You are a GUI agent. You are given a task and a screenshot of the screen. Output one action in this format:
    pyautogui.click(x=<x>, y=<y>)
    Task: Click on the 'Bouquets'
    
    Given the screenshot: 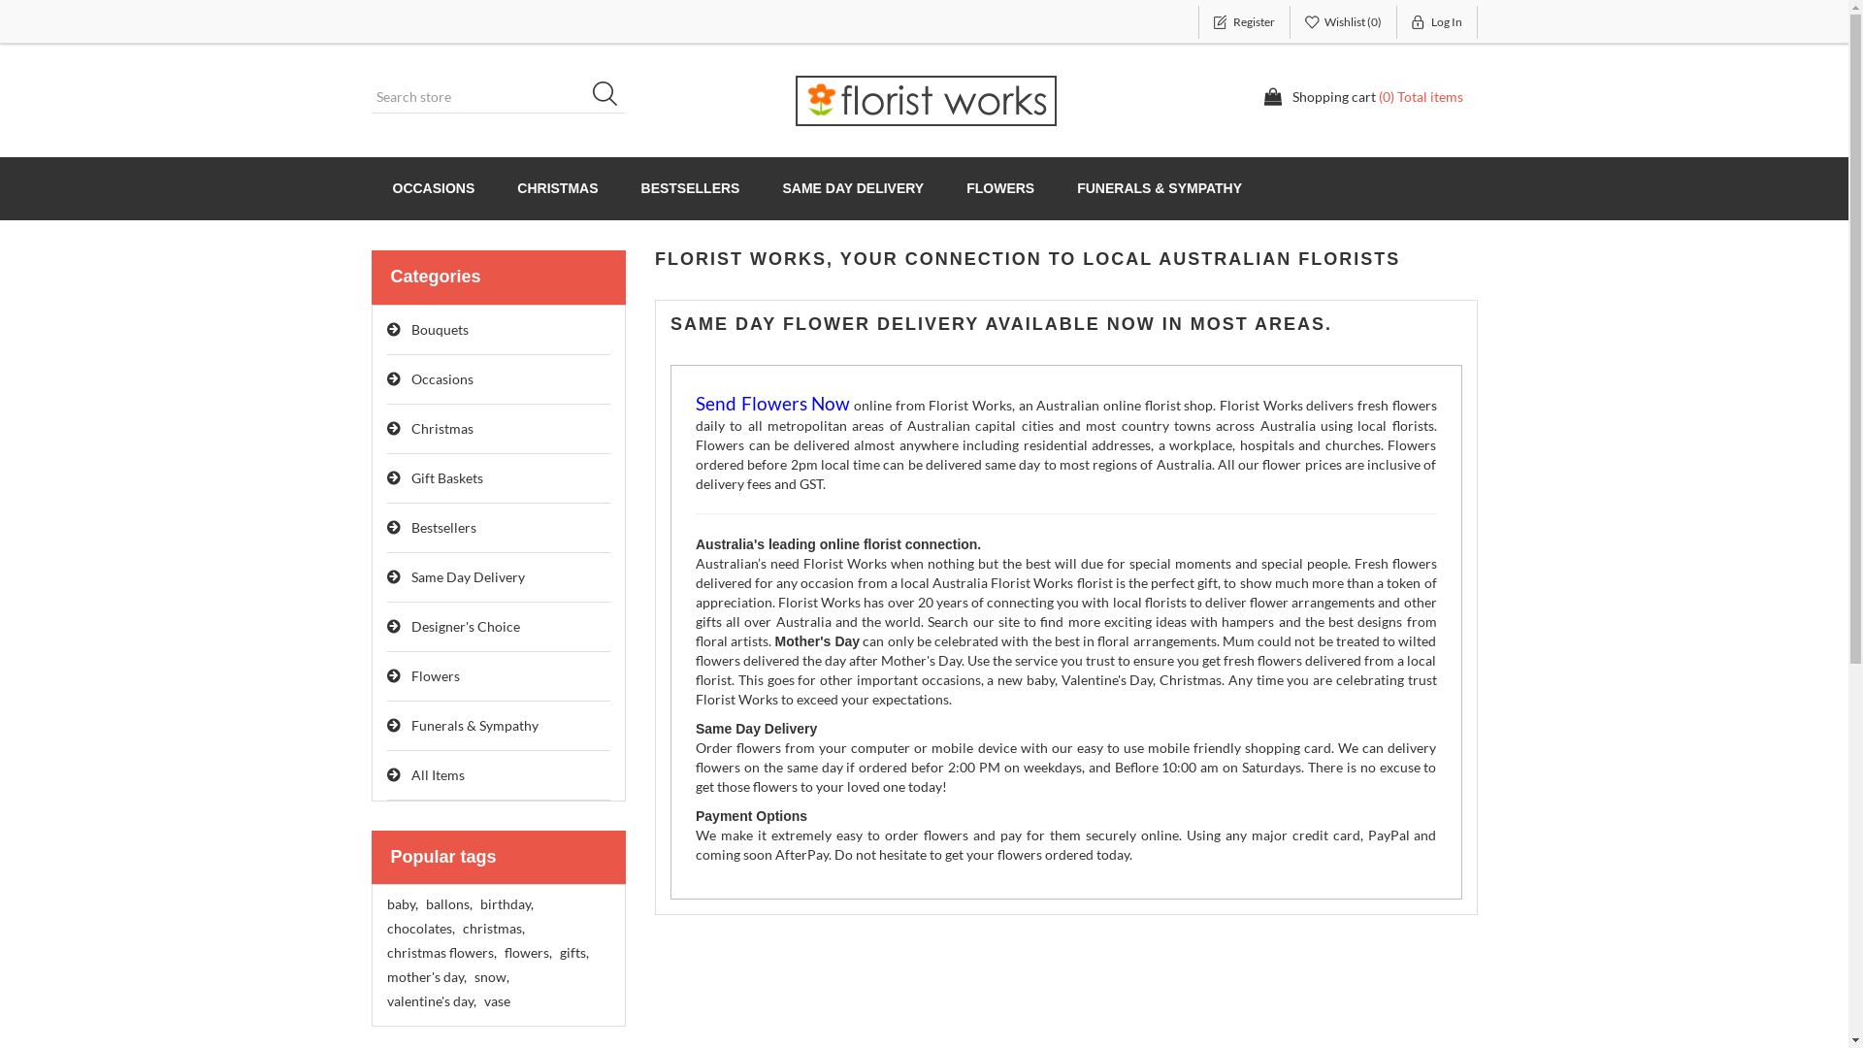 What is the action you would take?
    pyautogui.click(x=386, y=329)
    